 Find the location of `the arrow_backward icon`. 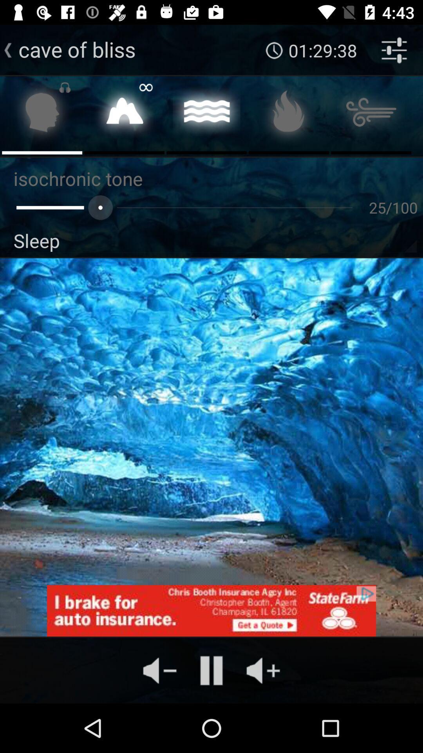

the arrow_backward icon is located at coordinates (8, 50).